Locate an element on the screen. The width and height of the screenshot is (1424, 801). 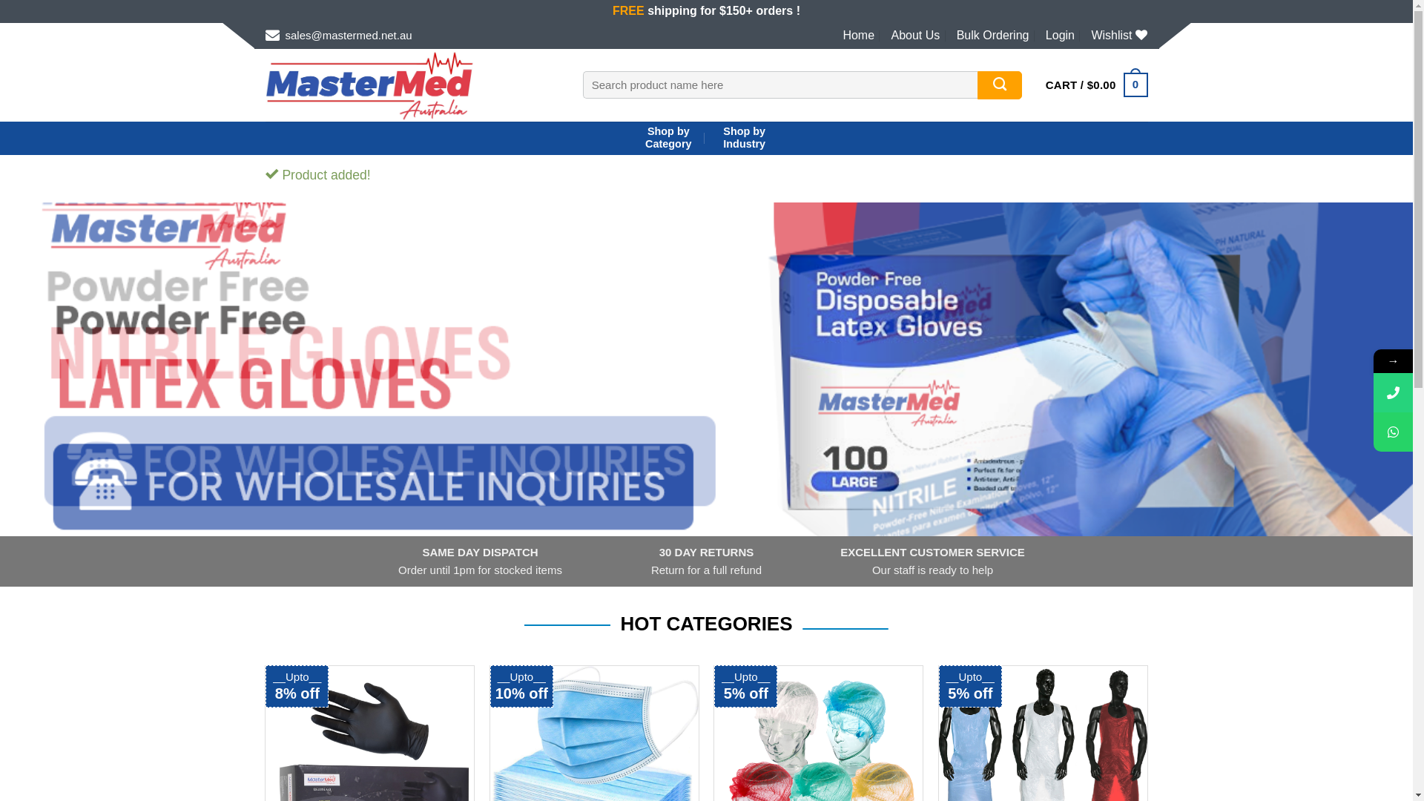
'About Us' is located at coordinates (914, 34).